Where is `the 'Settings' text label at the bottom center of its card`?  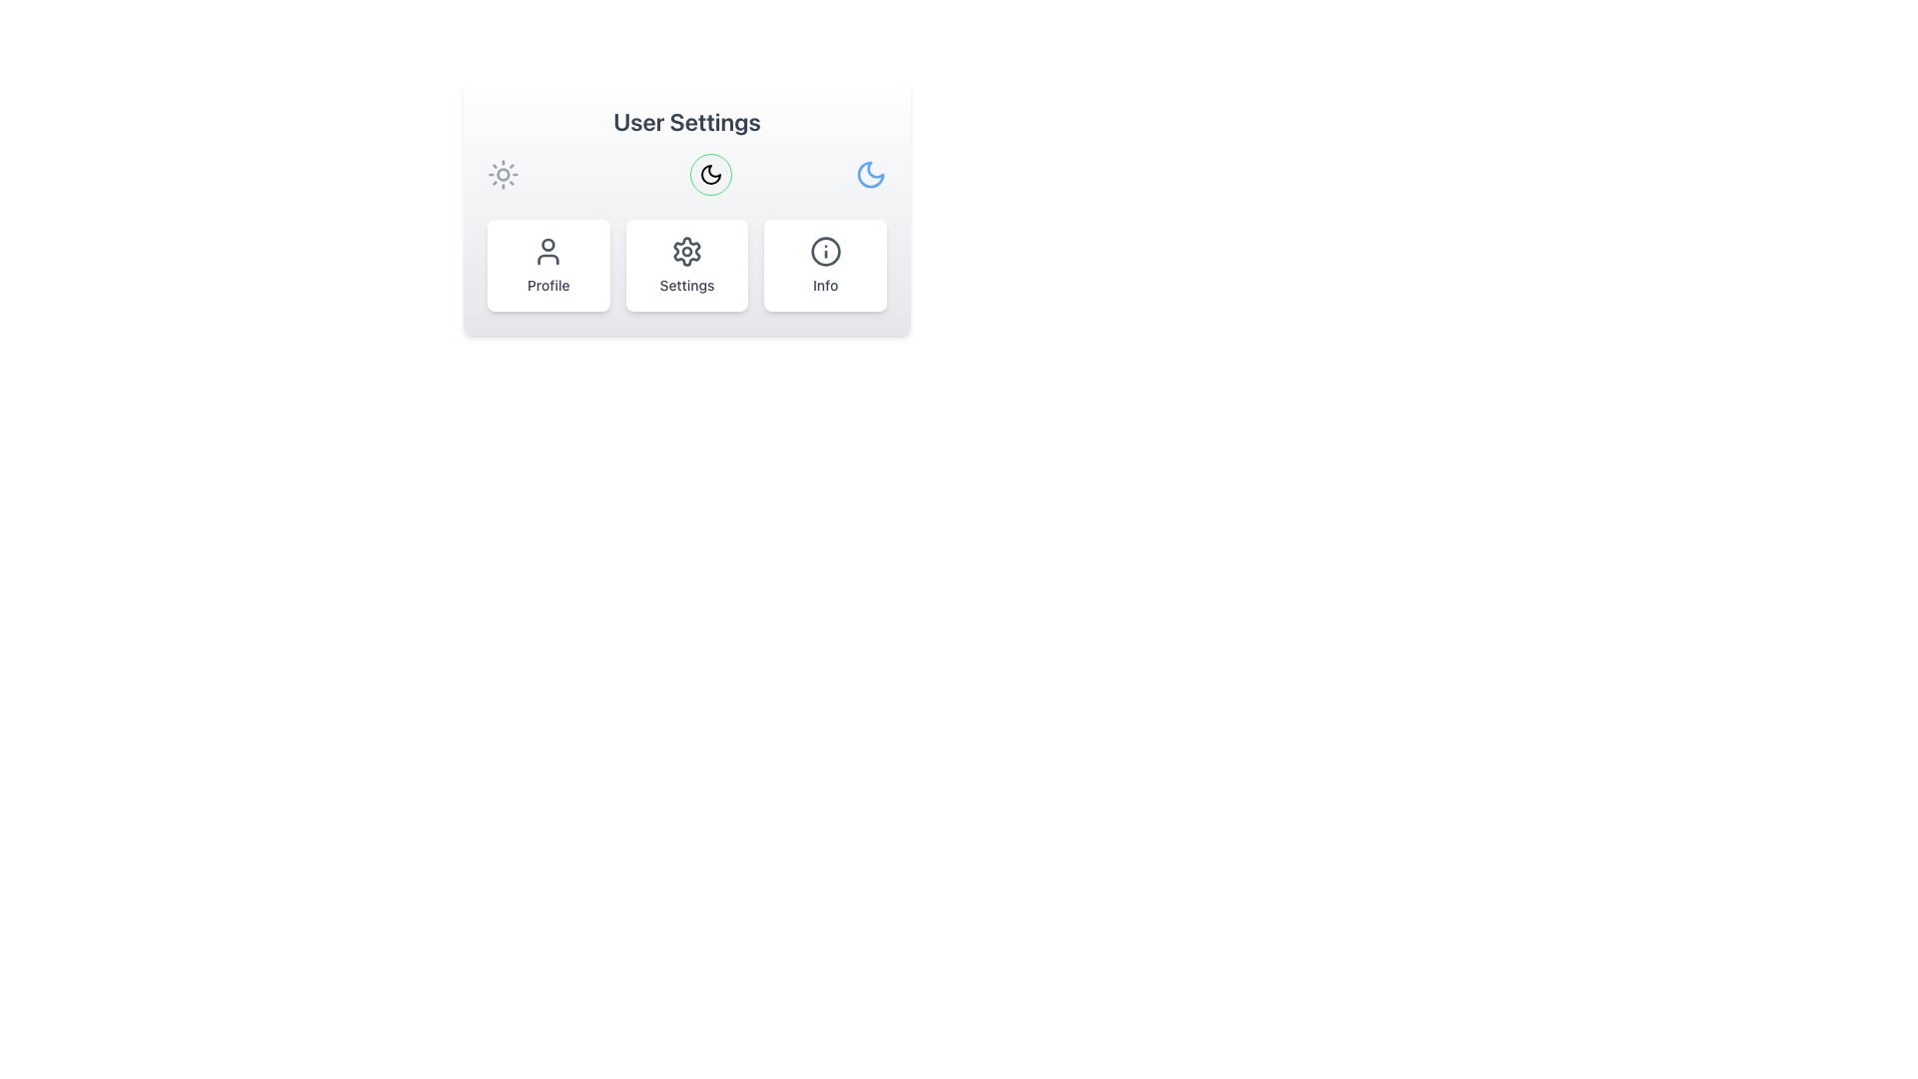
the 'Settings' text label at the bottom center of its card is located at coordinates (686, 285).